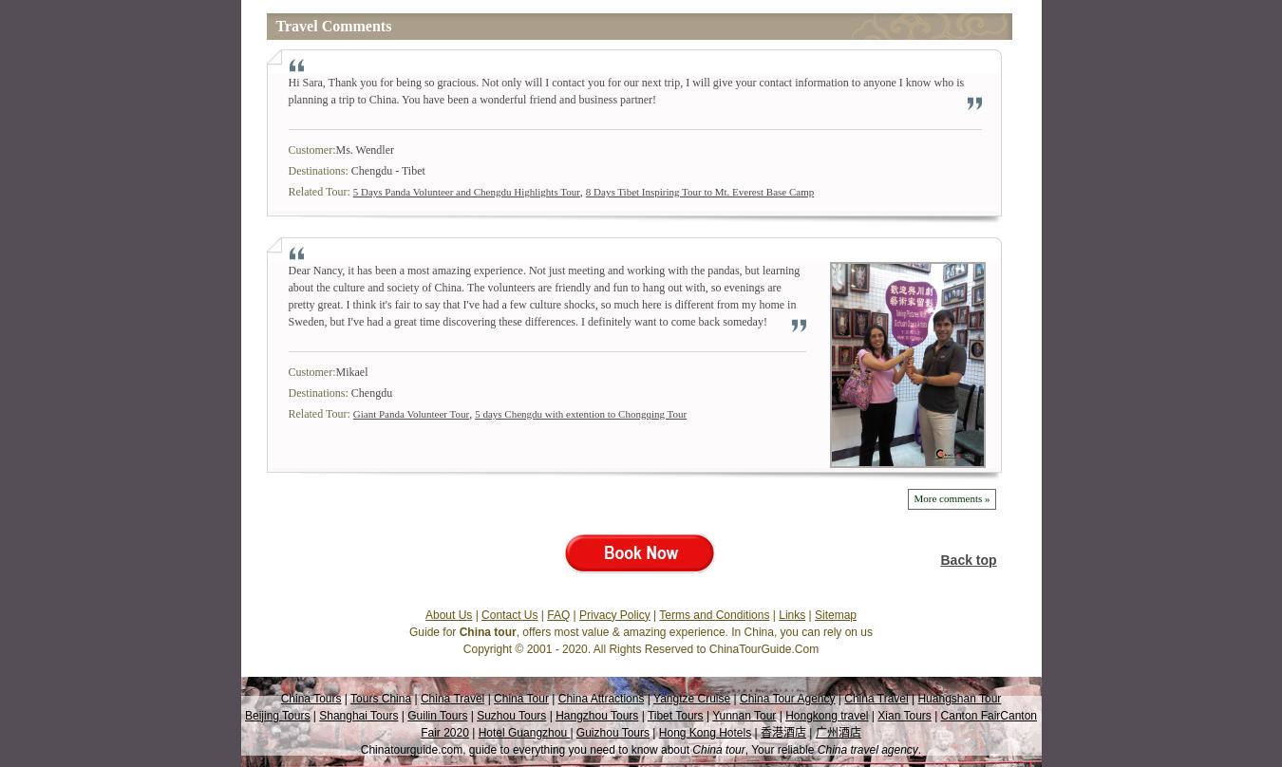  Describe the element at coordinates (446, 613) in the screenshot. I see `'About Us'` at that location.